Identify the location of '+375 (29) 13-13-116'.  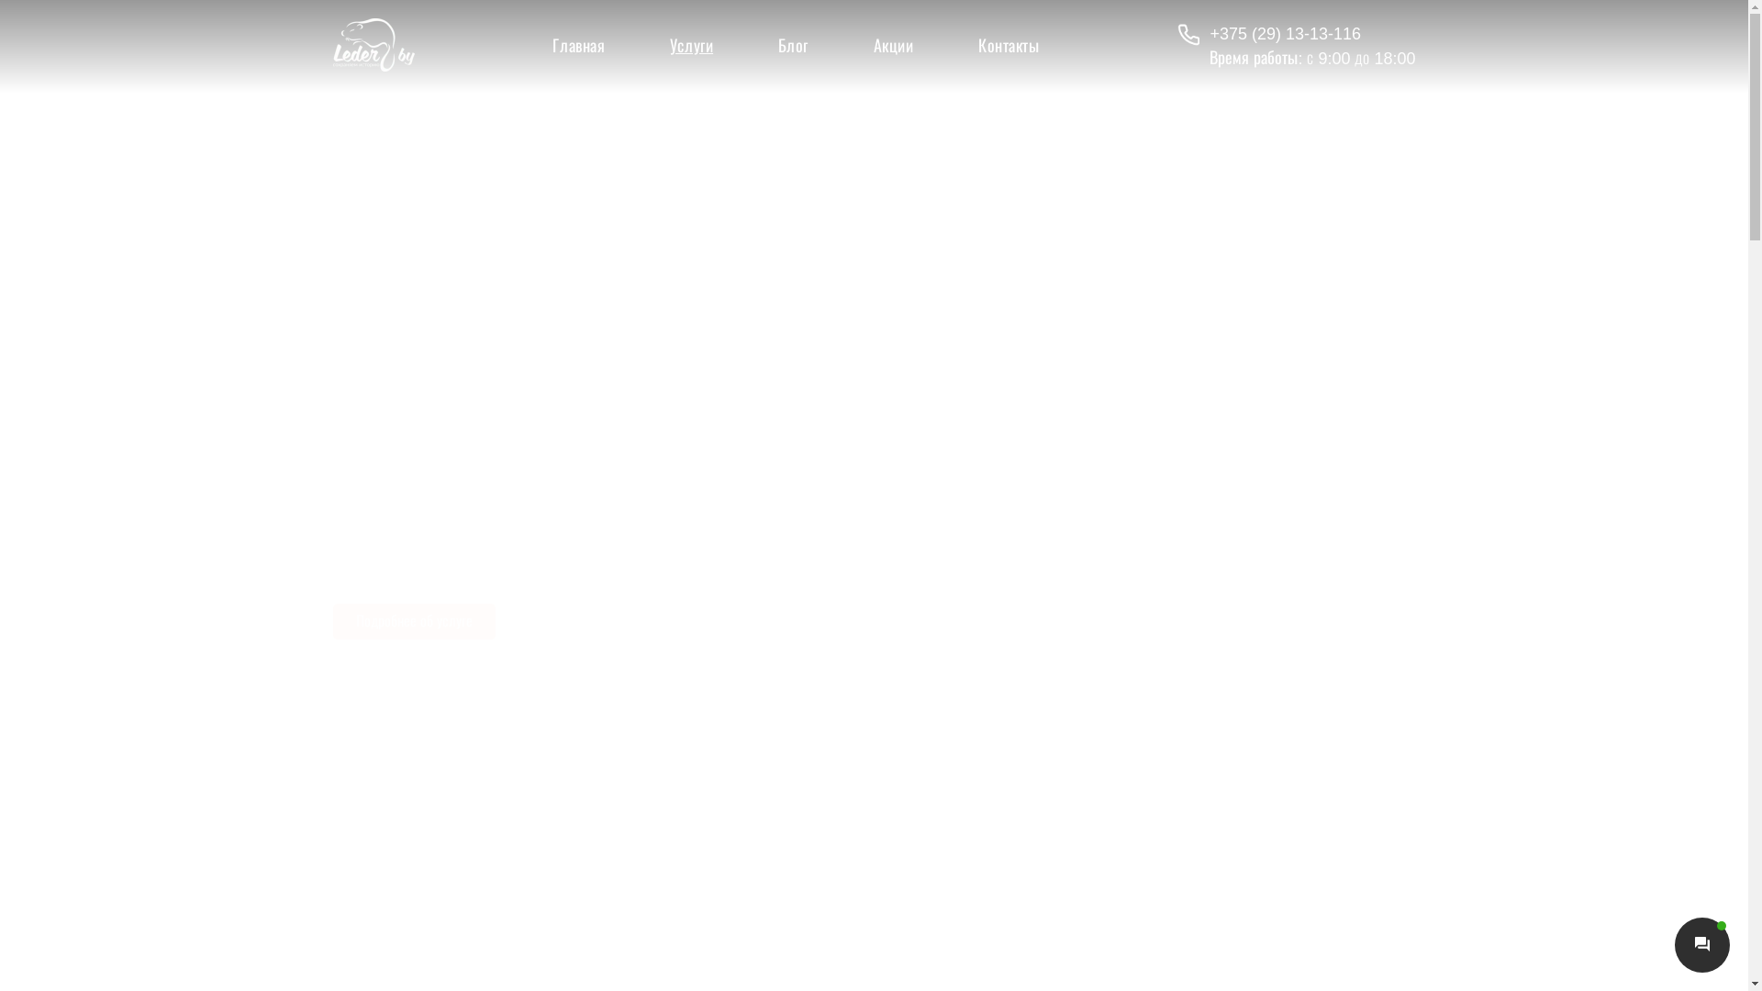
(1295, 34).